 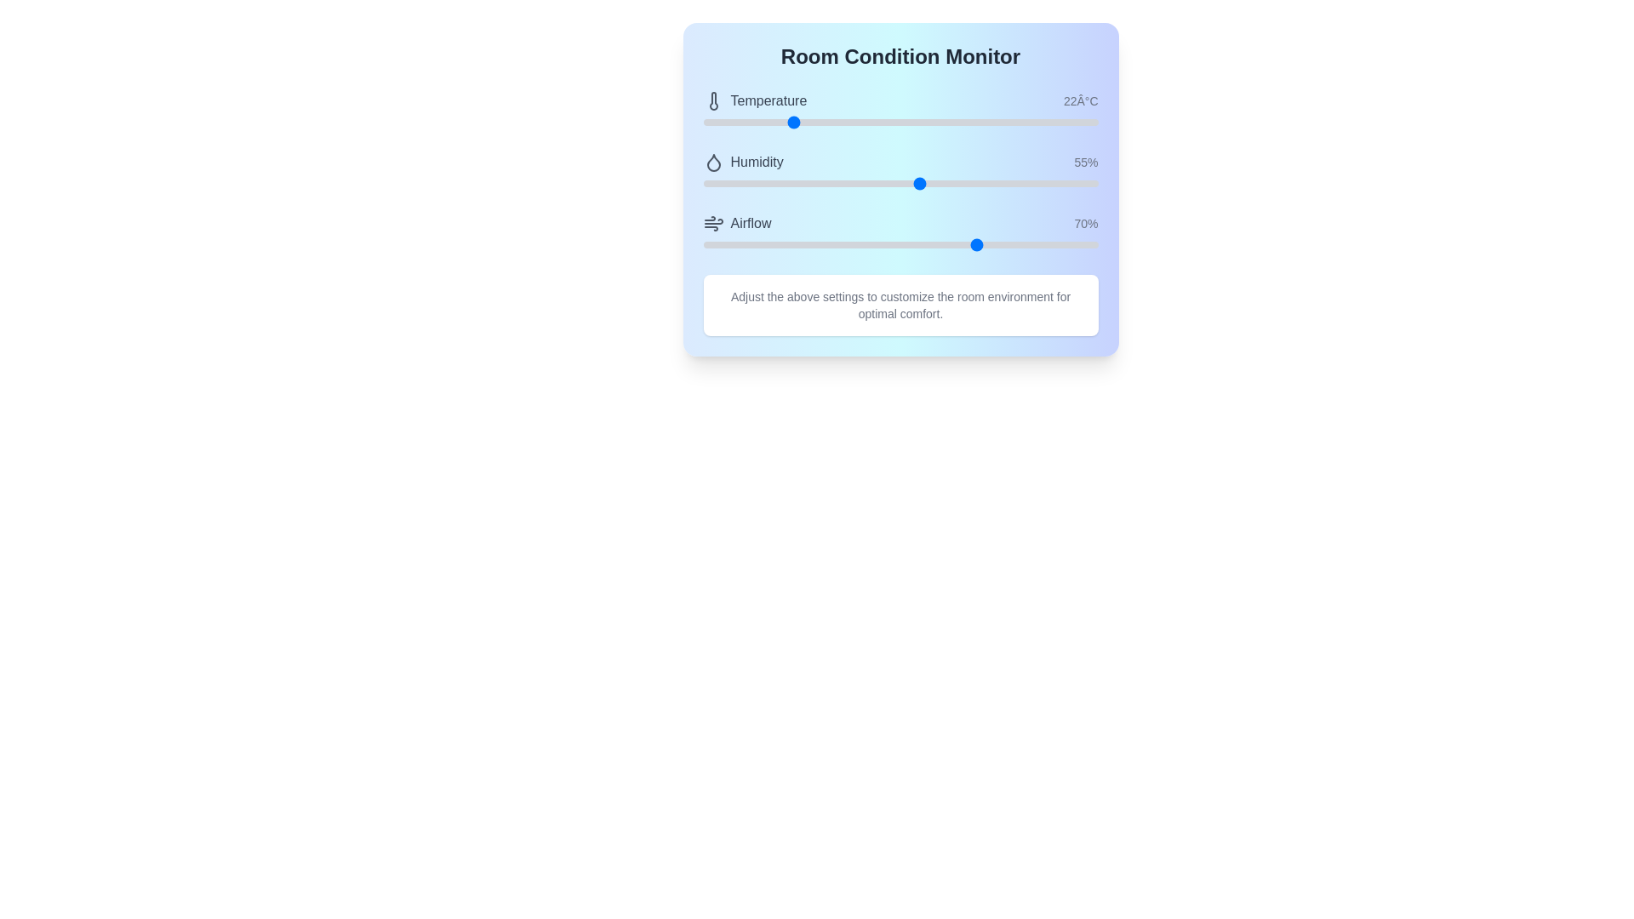 What do you see at coordinates (762, 245) in the screenshot?
I see `the airflow` at bounding box center [762, 245].